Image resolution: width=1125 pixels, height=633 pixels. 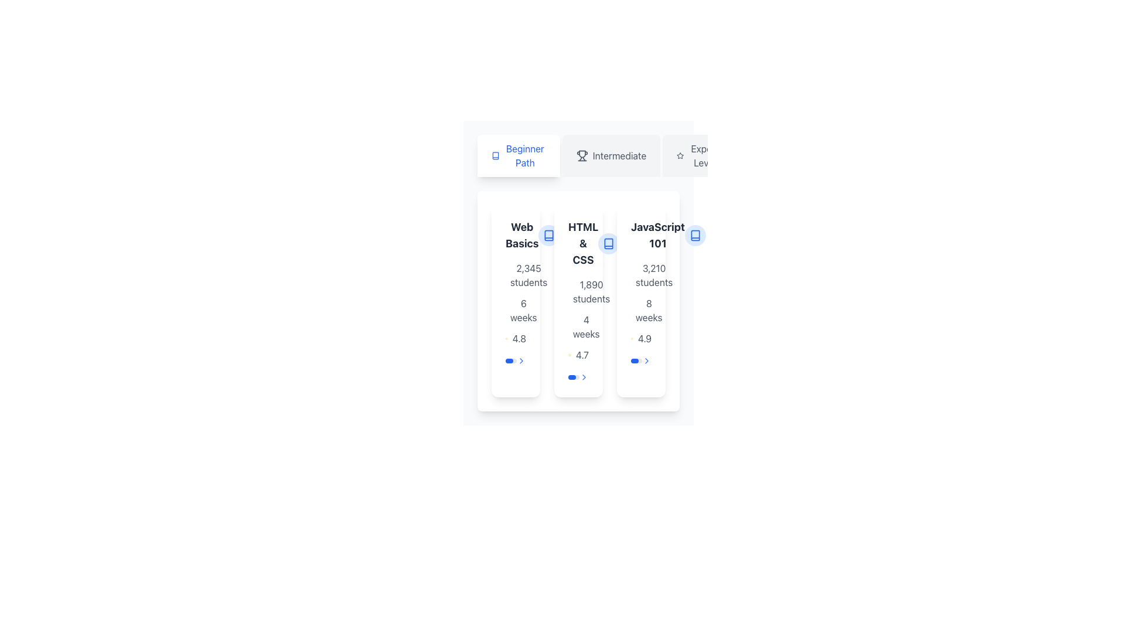 What do you see at coordinates (582, 354) in the screenshot?
I see `the static text label displaying the rating '4.7', which is positioned next to a star symbol in the card labeled 'HTML & CSS'` at bounding box center [582, 354].